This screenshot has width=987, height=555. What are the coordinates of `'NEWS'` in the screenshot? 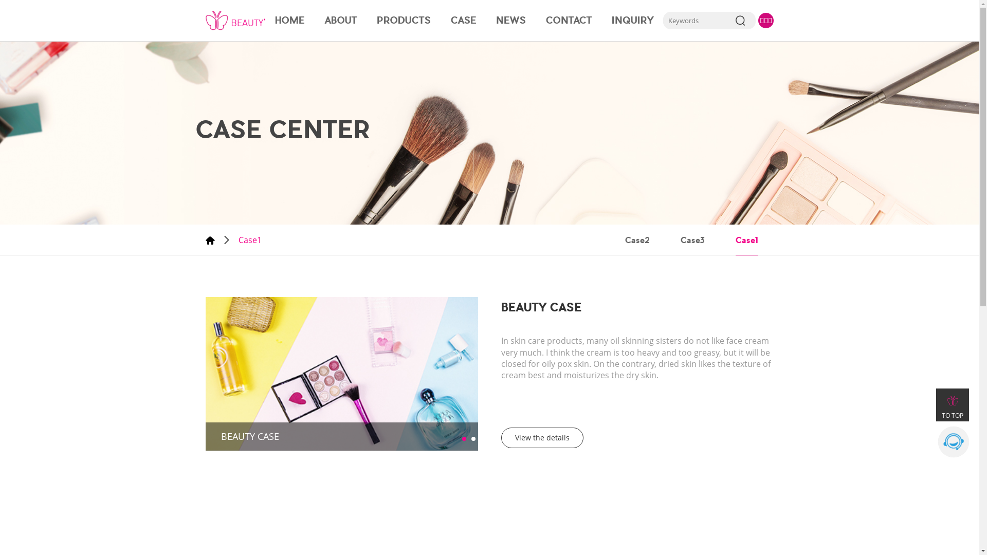 It's located at (510, 20).